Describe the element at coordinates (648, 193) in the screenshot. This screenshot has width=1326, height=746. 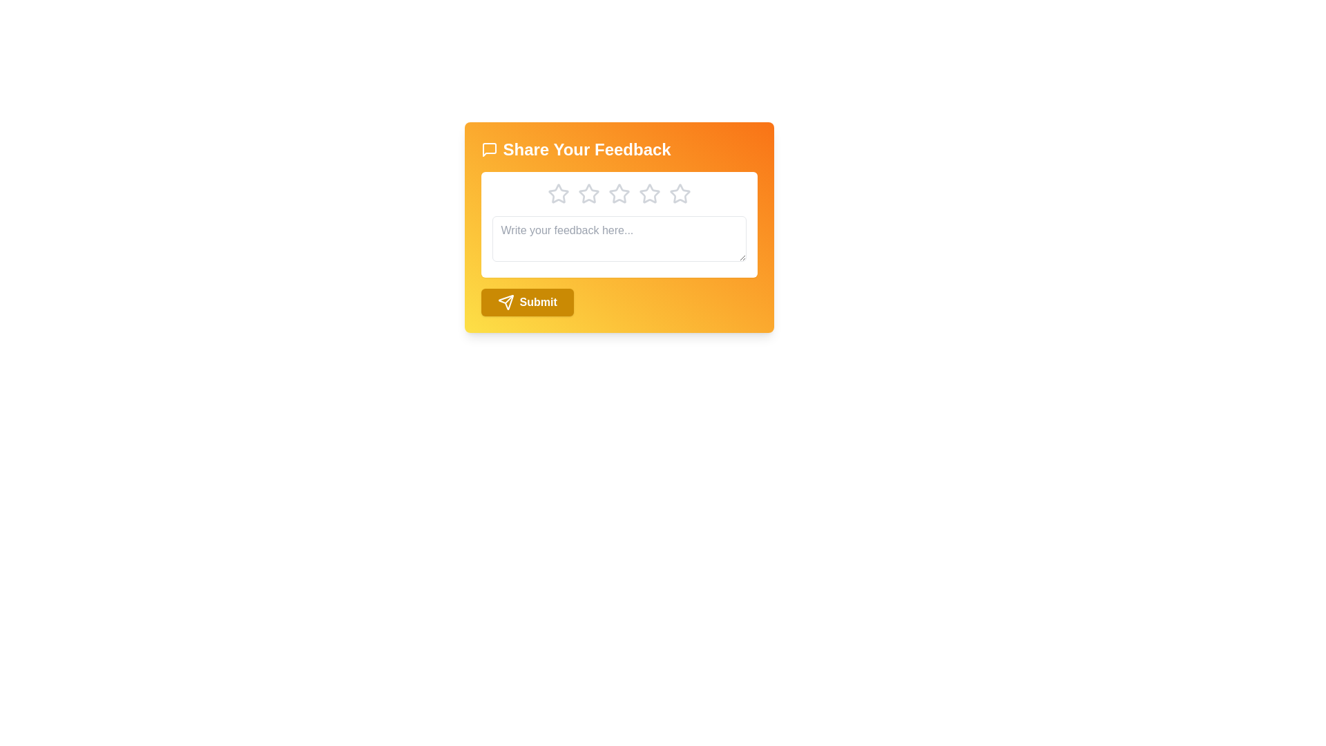
I see `the third star icon in the rating component, which is a hollow light gray star positioned below the 'Share Your Feedback' heading` at that location.